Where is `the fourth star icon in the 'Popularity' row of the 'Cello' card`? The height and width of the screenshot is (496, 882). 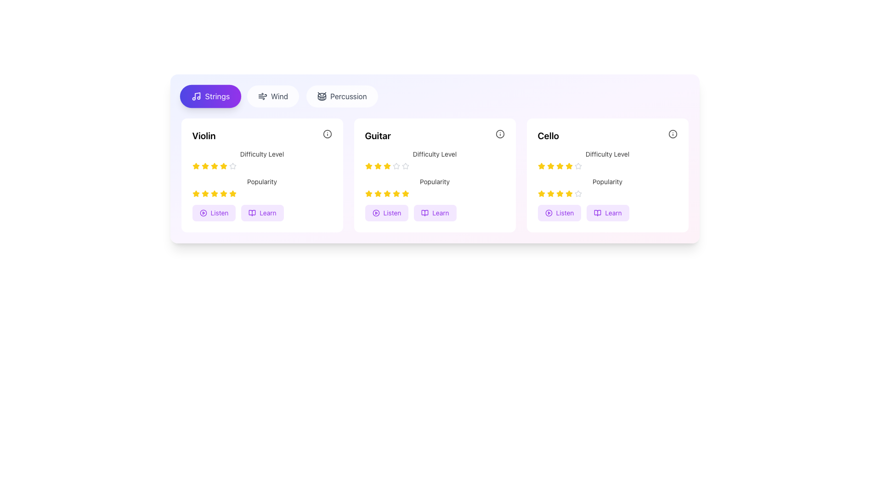
the fourth star icon in the 'Popularity' row of the 'Cello' card is located at coordinates (559, 193).